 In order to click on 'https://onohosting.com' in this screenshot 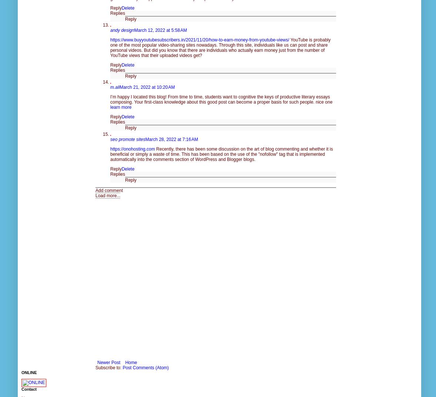, I will do `click(132, 148)`.